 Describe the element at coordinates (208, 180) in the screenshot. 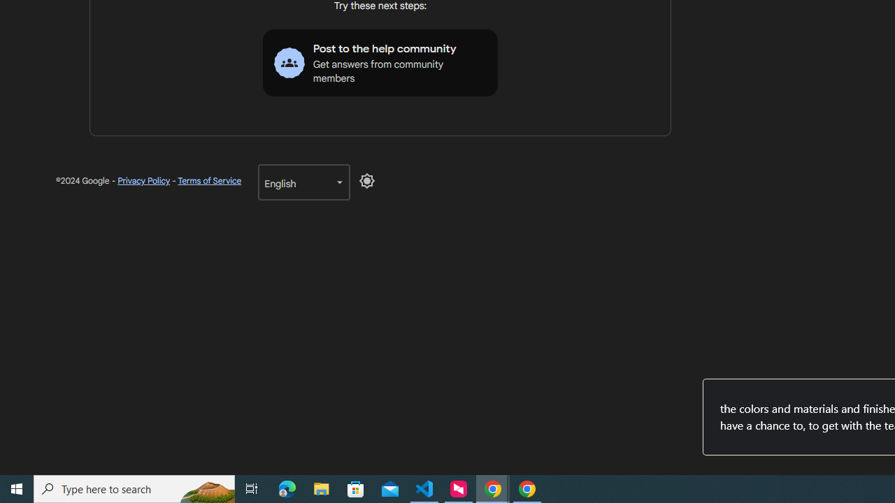

I see `'Terms of Service'` at that location.